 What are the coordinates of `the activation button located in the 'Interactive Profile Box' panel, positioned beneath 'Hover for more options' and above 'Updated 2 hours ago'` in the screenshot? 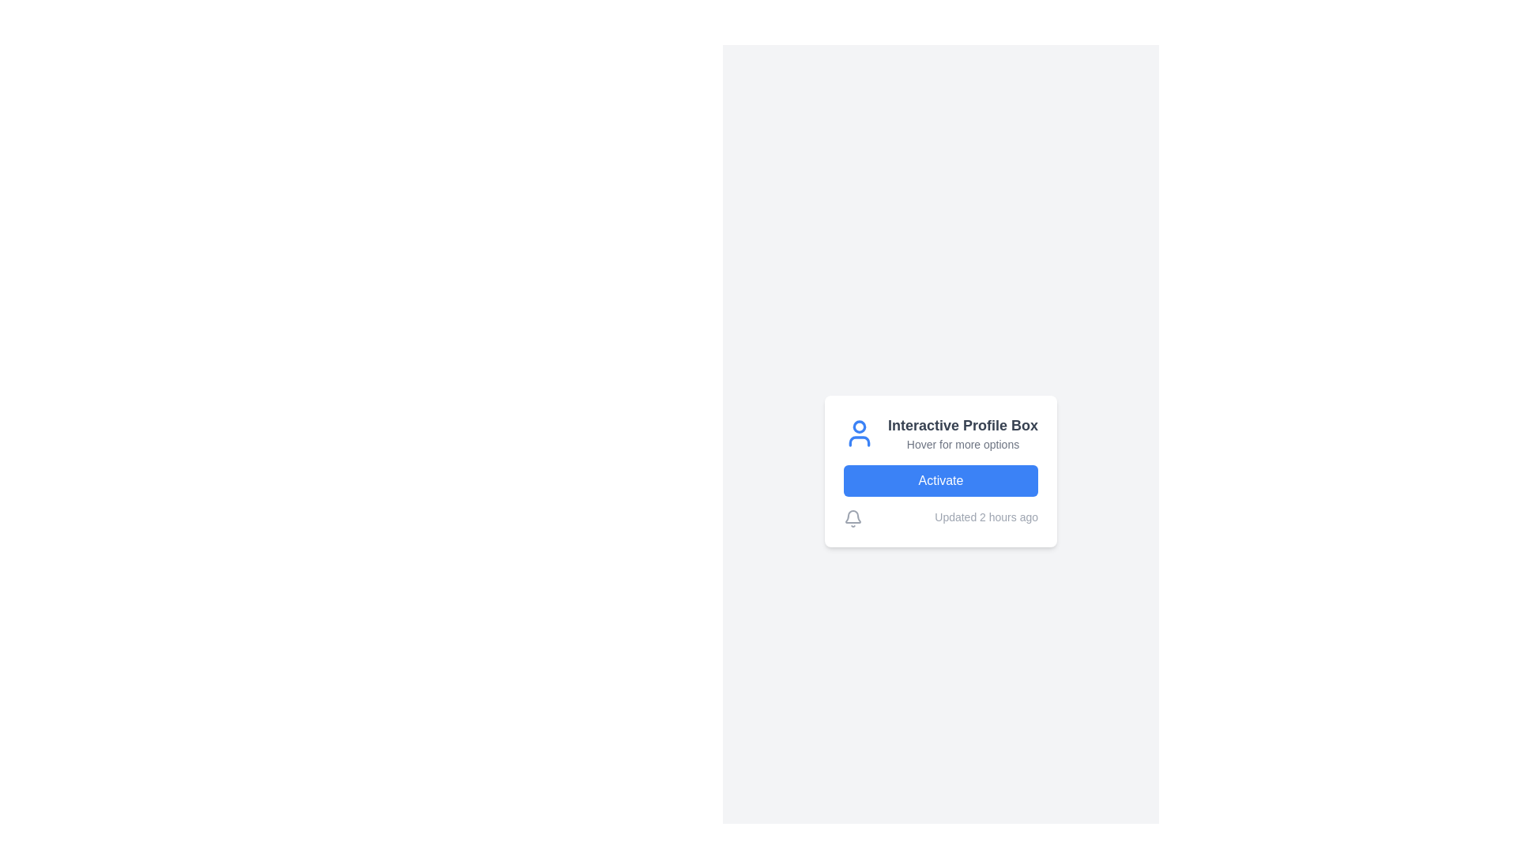 It's located at (940, 480).